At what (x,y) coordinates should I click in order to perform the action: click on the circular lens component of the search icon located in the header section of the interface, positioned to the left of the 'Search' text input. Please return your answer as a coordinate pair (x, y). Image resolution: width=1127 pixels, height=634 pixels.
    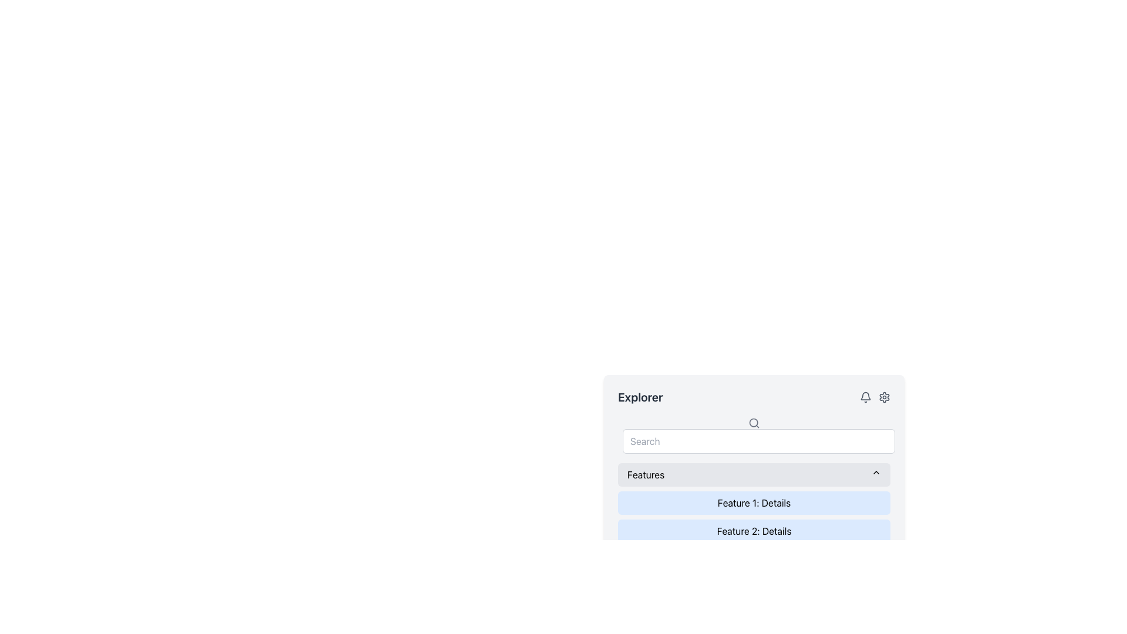
    Looking at the image, I should click on (754, 421).